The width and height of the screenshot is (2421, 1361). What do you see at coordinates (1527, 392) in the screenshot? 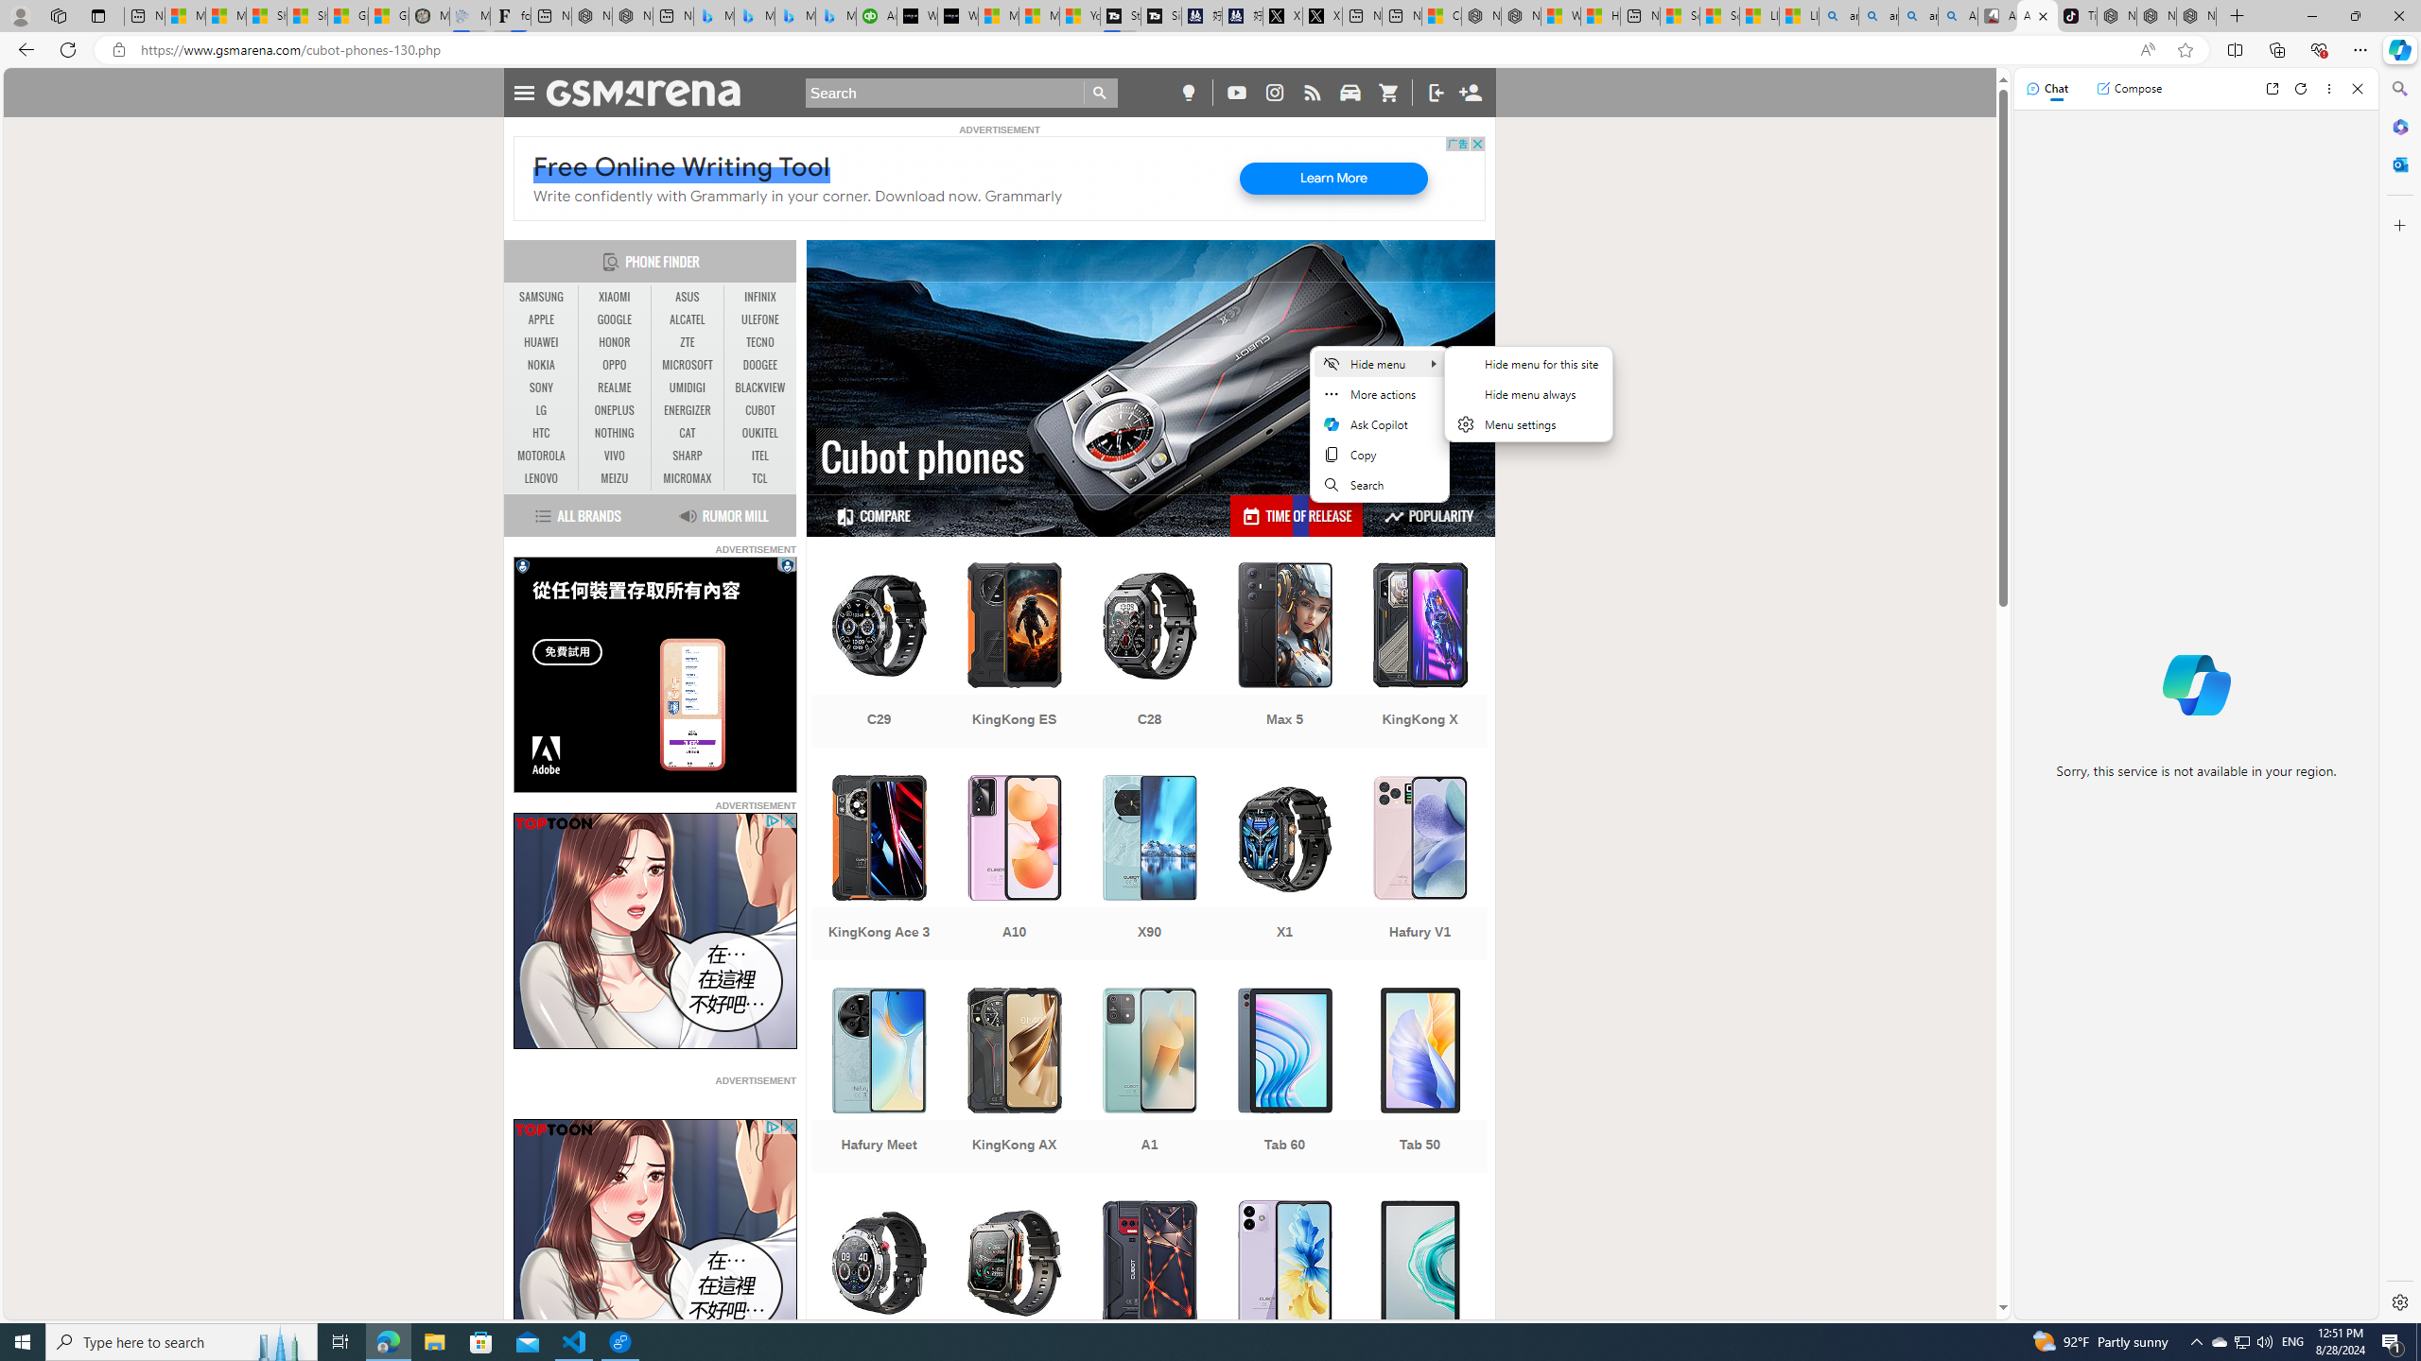
I see `'Hide menu always'` at bounding box center [1527, 392].